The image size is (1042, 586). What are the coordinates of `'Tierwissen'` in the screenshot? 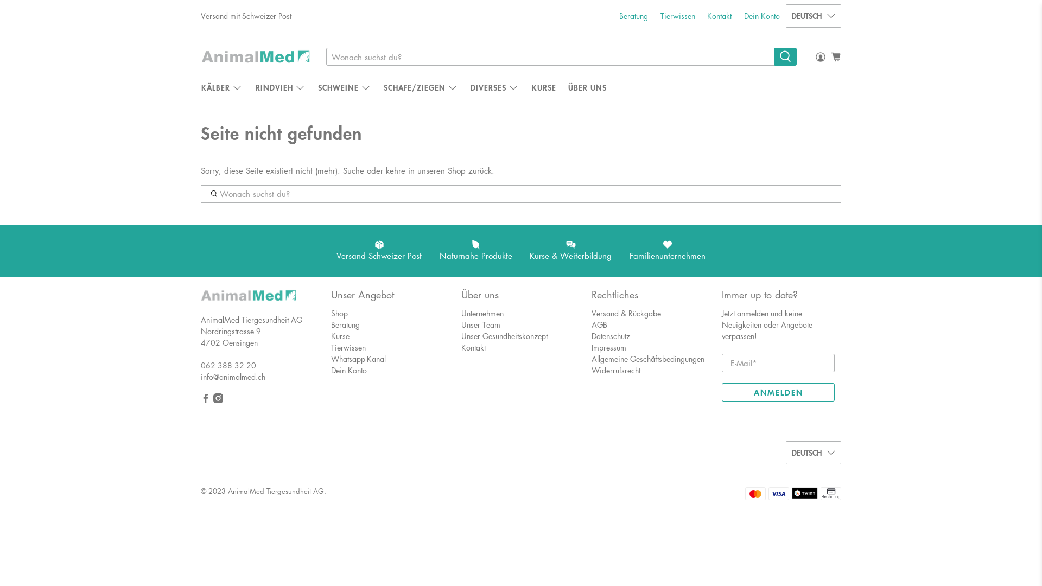 It's located at (348, 347).